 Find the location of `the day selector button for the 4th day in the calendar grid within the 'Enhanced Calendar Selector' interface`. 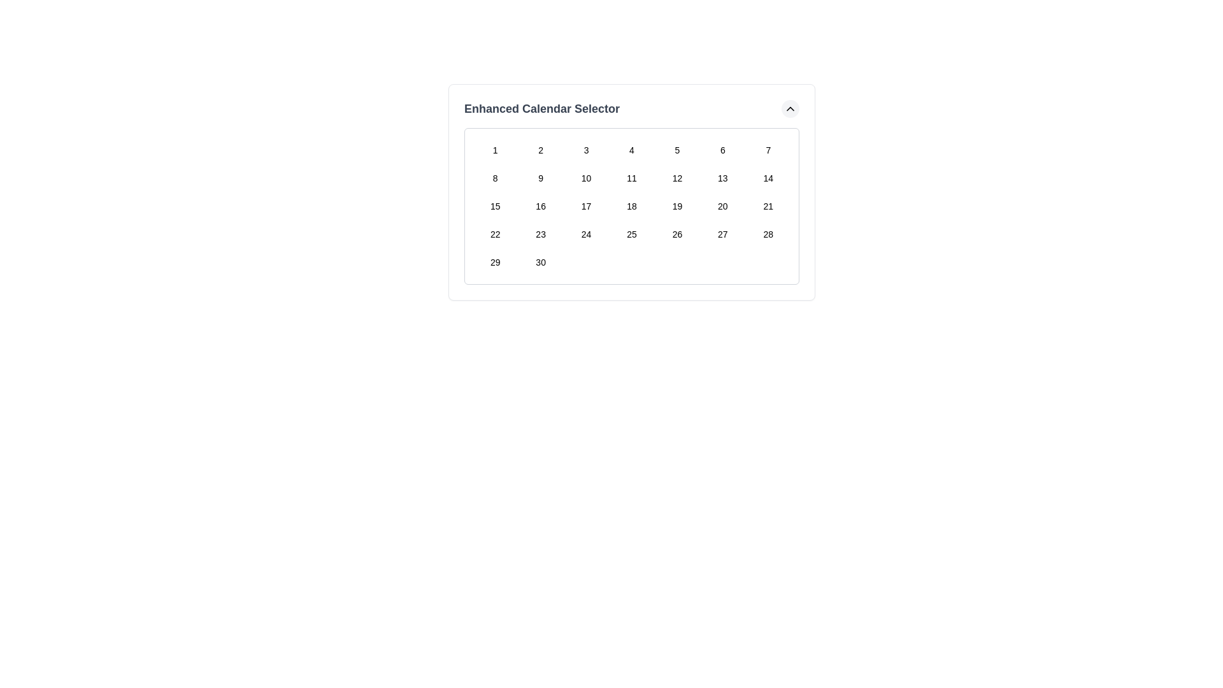

the day selector button for the 4th day in the calendar grid within the 'Enhanced Calendar Selector' interface is located at coordinates (632, 149).